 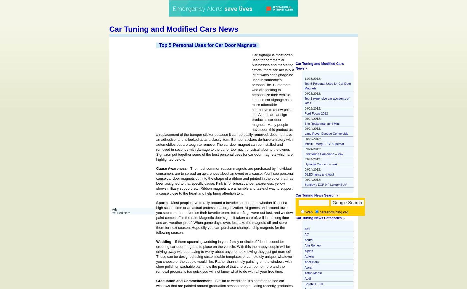 I want to click on 'AC', so click(x=304, y=234).